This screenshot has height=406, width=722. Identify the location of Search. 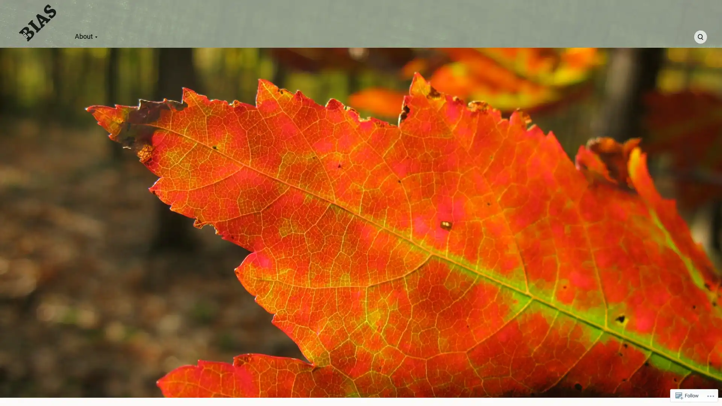
(700, 37).